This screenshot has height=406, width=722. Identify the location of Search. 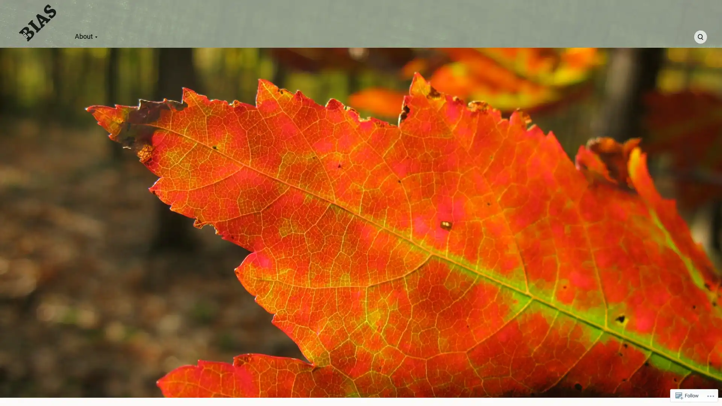
(700, 37).